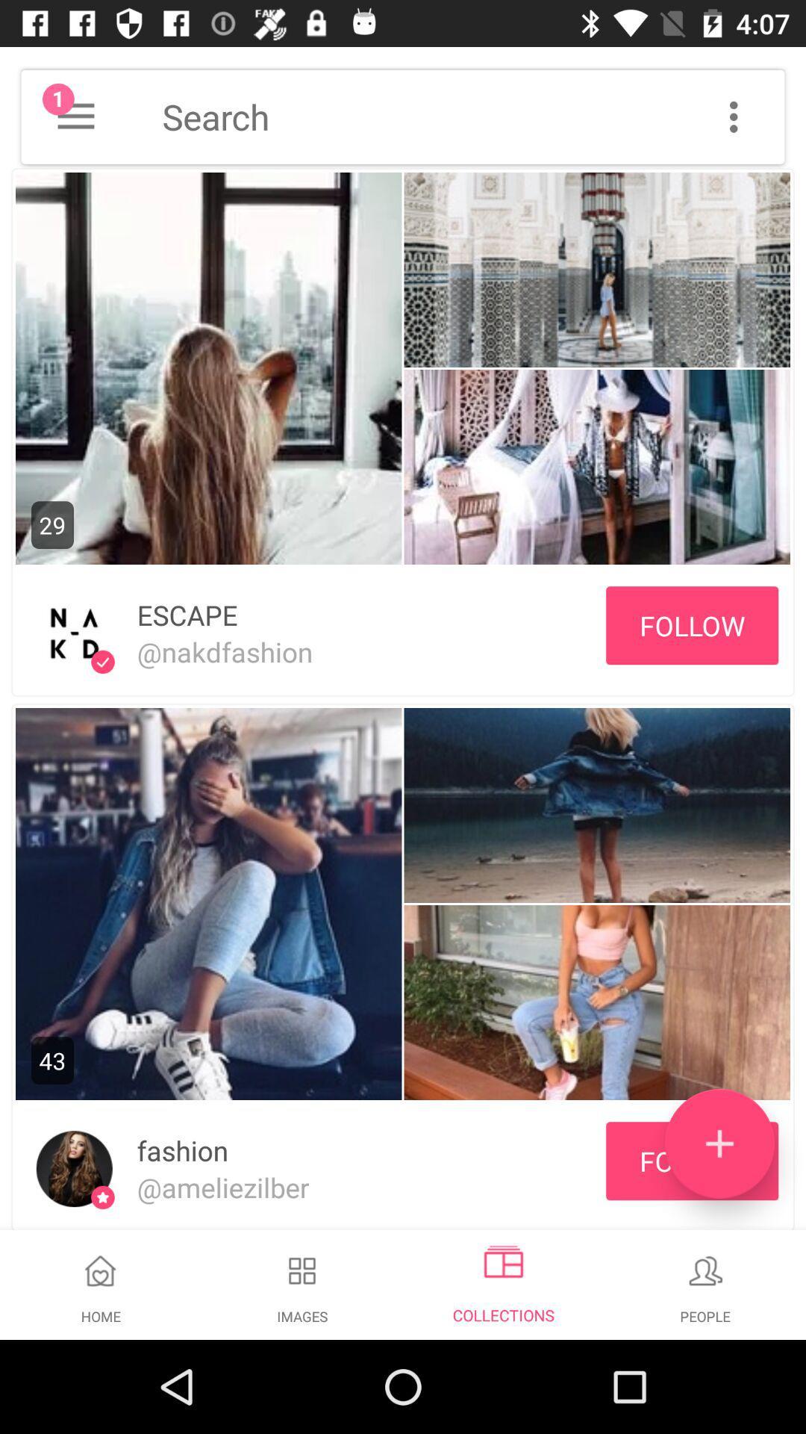  I want to click on add/upload, so click(719, 1143).